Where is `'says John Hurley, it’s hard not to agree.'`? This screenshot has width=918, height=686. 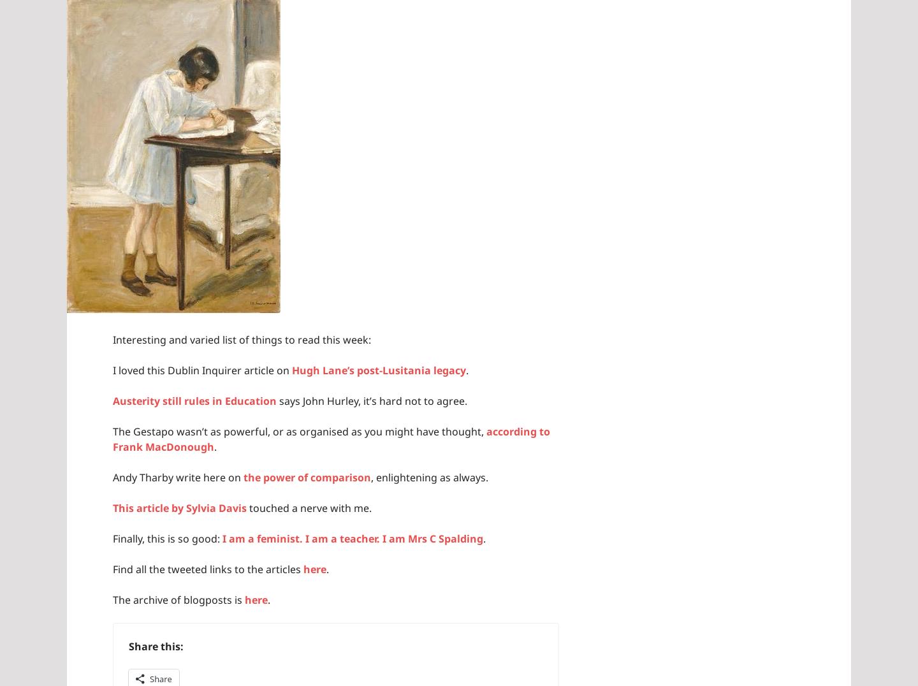 'says John Hurley, it’s hard not to agree.' is located at coordinates (372, 400).